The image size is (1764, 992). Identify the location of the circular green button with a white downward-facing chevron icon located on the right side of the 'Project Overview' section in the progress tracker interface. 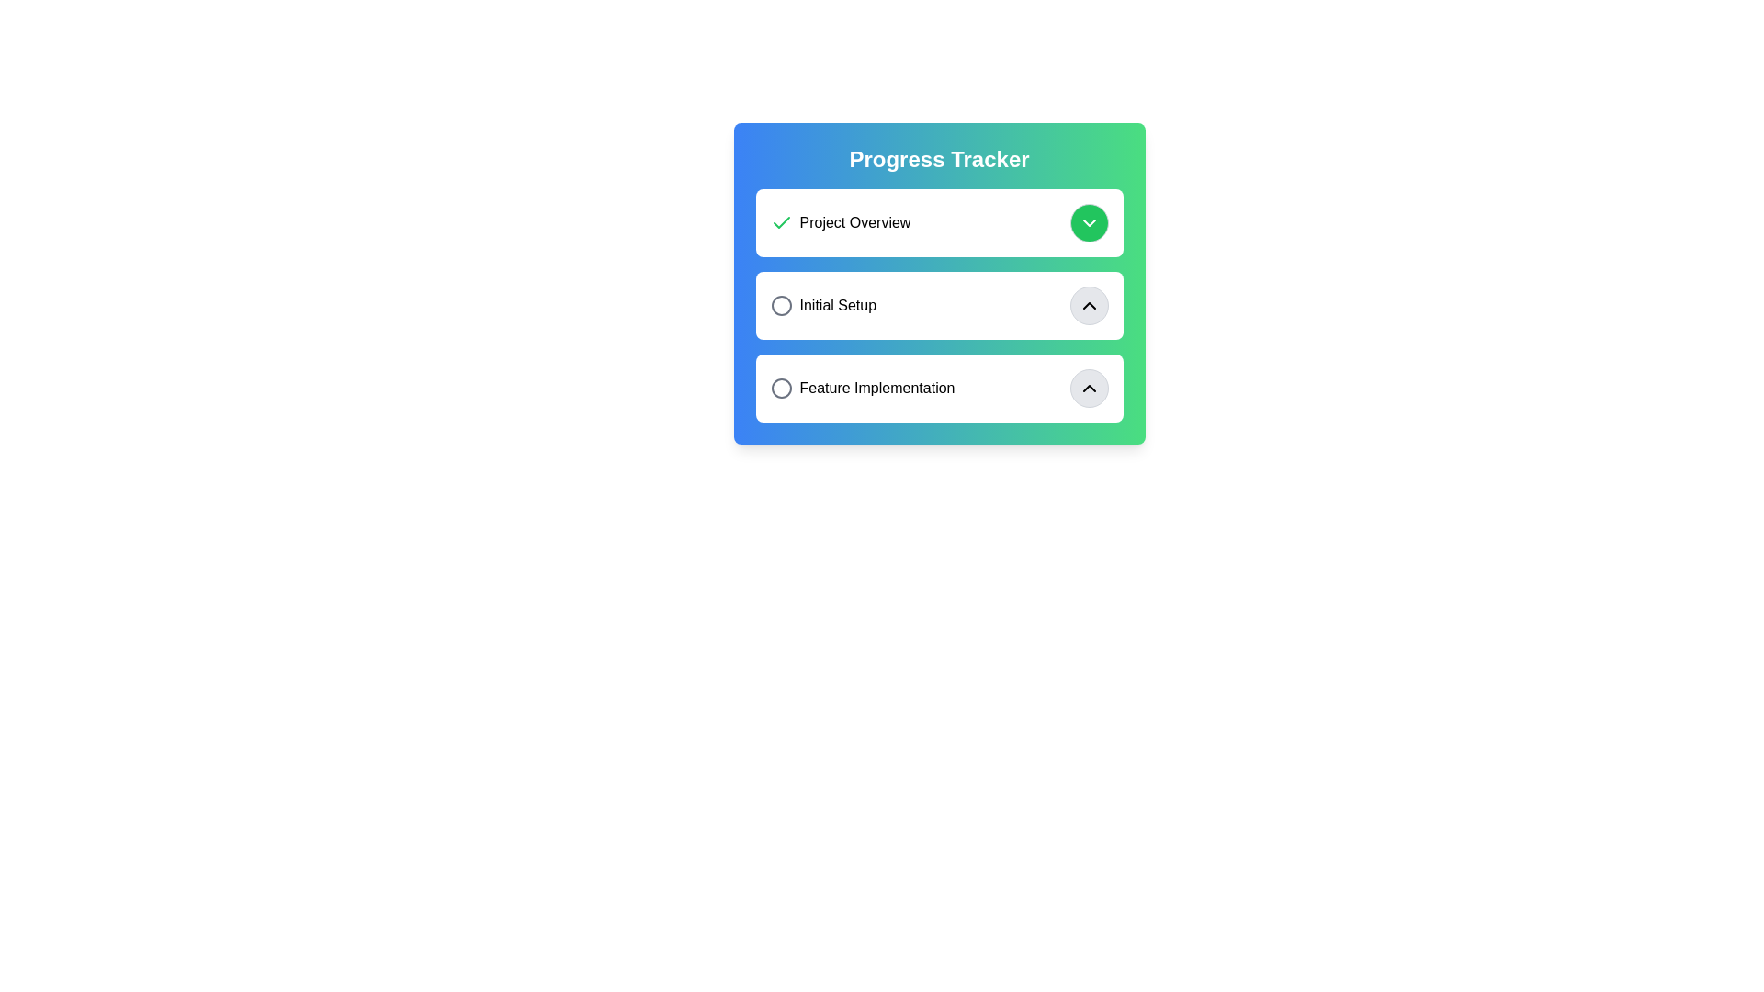
(1089, 222).